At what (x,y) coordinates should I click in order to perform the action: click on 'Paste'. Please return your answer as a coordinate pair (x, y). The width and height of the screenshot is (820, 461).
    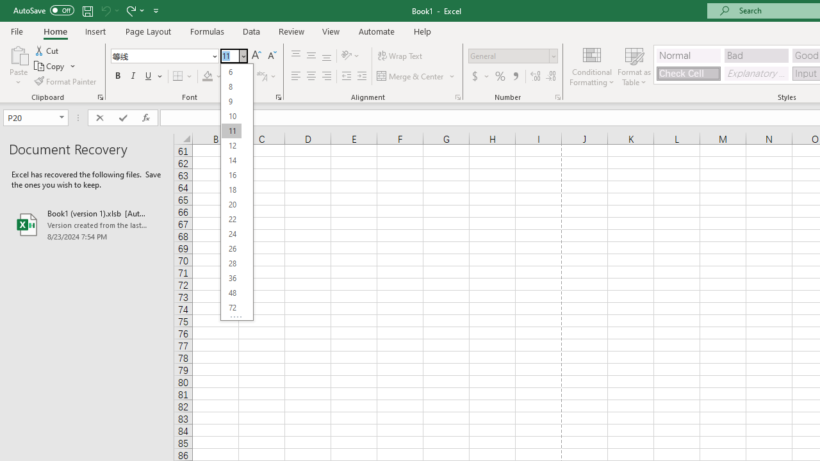
    Looking at the image, I should click on (18, 66).